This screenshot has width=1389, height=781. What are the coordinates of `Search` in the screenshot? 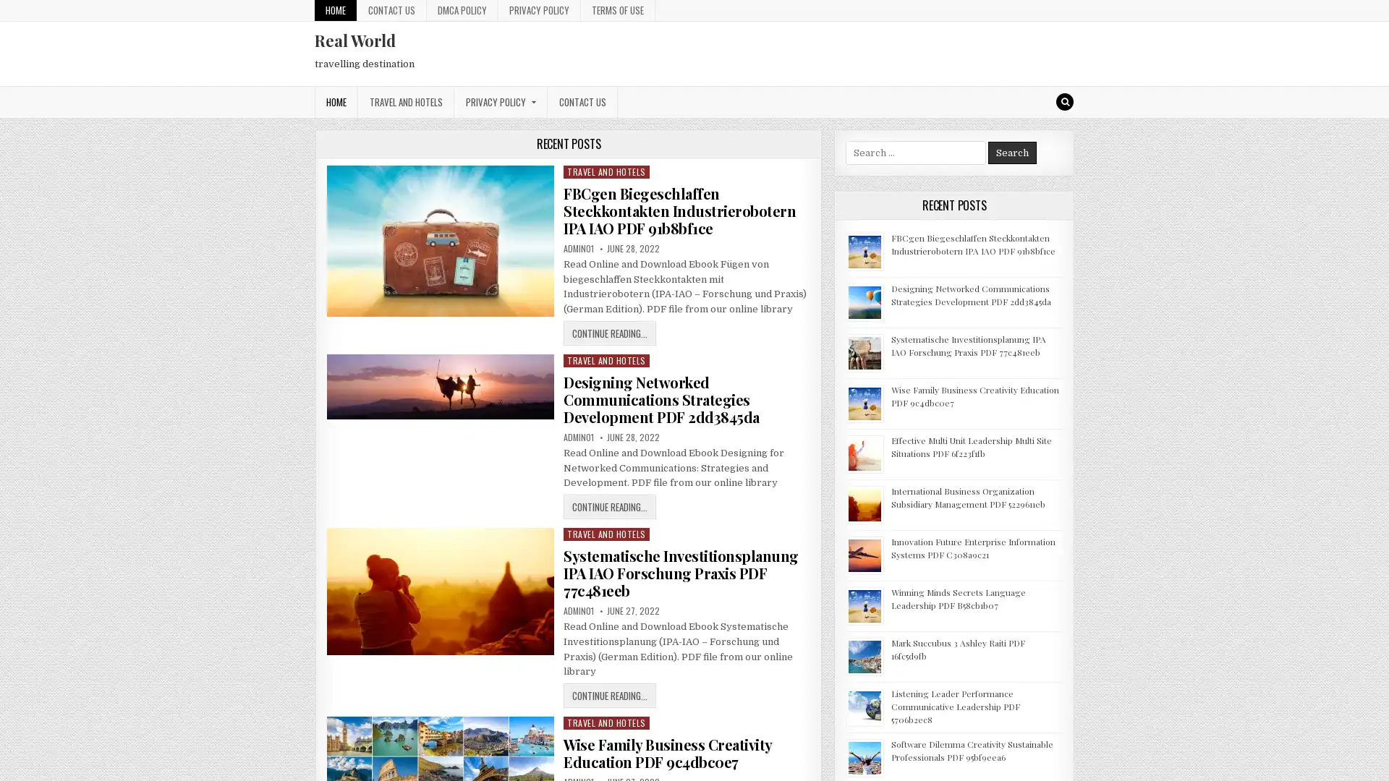 It's located at (1011, 153).